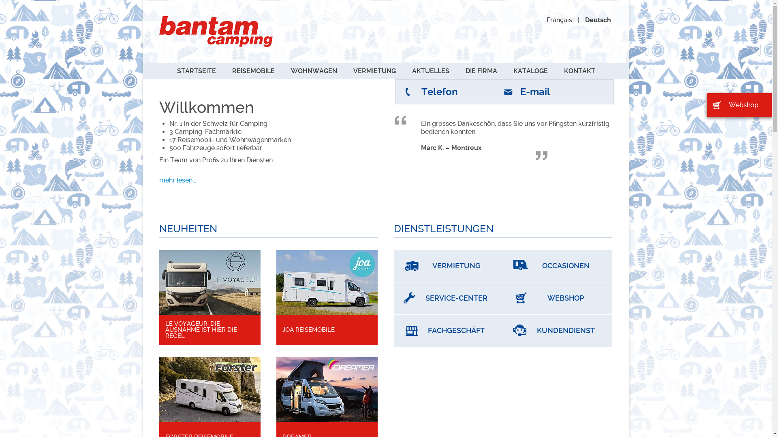  I want to click on 'REISEMOBILE', so click(252, 71).